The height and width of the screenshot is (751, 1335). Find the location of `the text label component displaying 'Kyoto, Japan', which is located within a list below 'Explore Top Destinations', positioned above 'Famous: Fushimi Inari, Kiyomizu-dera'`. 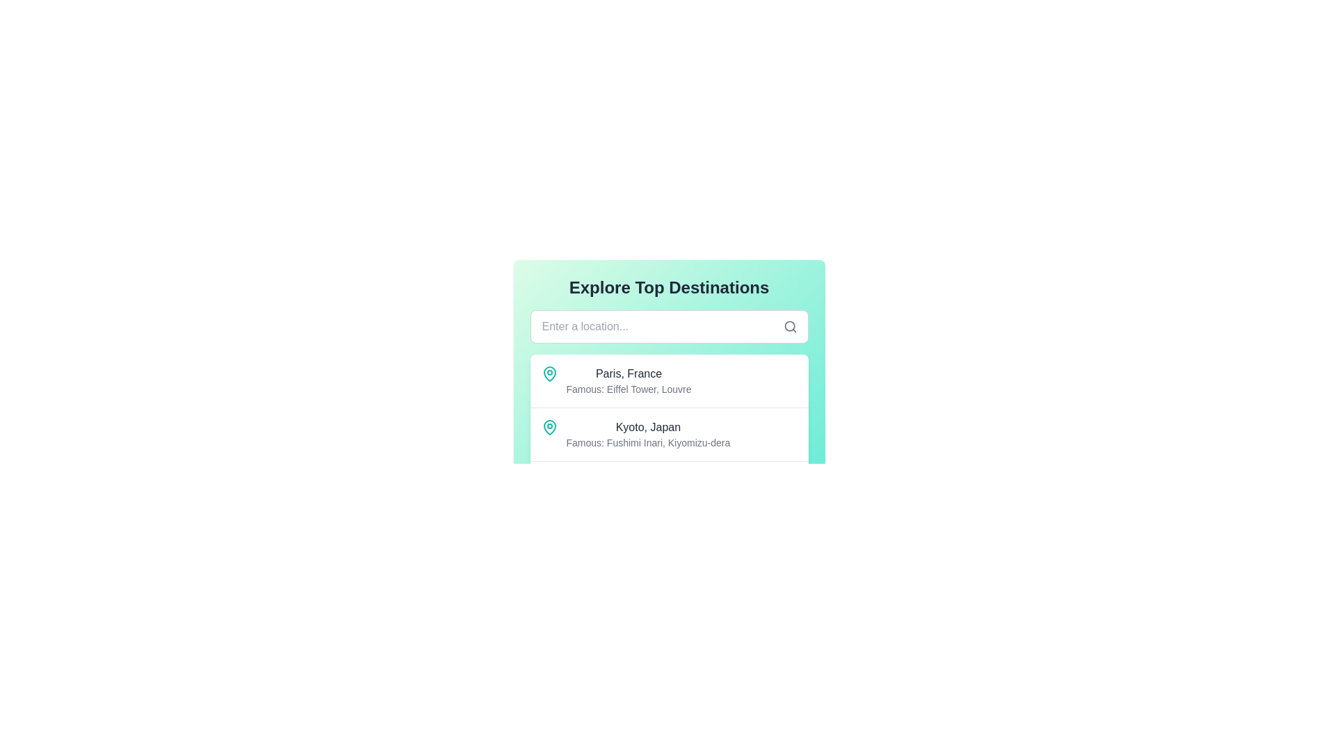

the text label component displaying 'Kyoto, Japan', which is located within a list below 'Explore Top Destinations', positioned above 'Famous: Fushimi Inari, Kiyomizu-dera' is located at coordinates (647, 426).